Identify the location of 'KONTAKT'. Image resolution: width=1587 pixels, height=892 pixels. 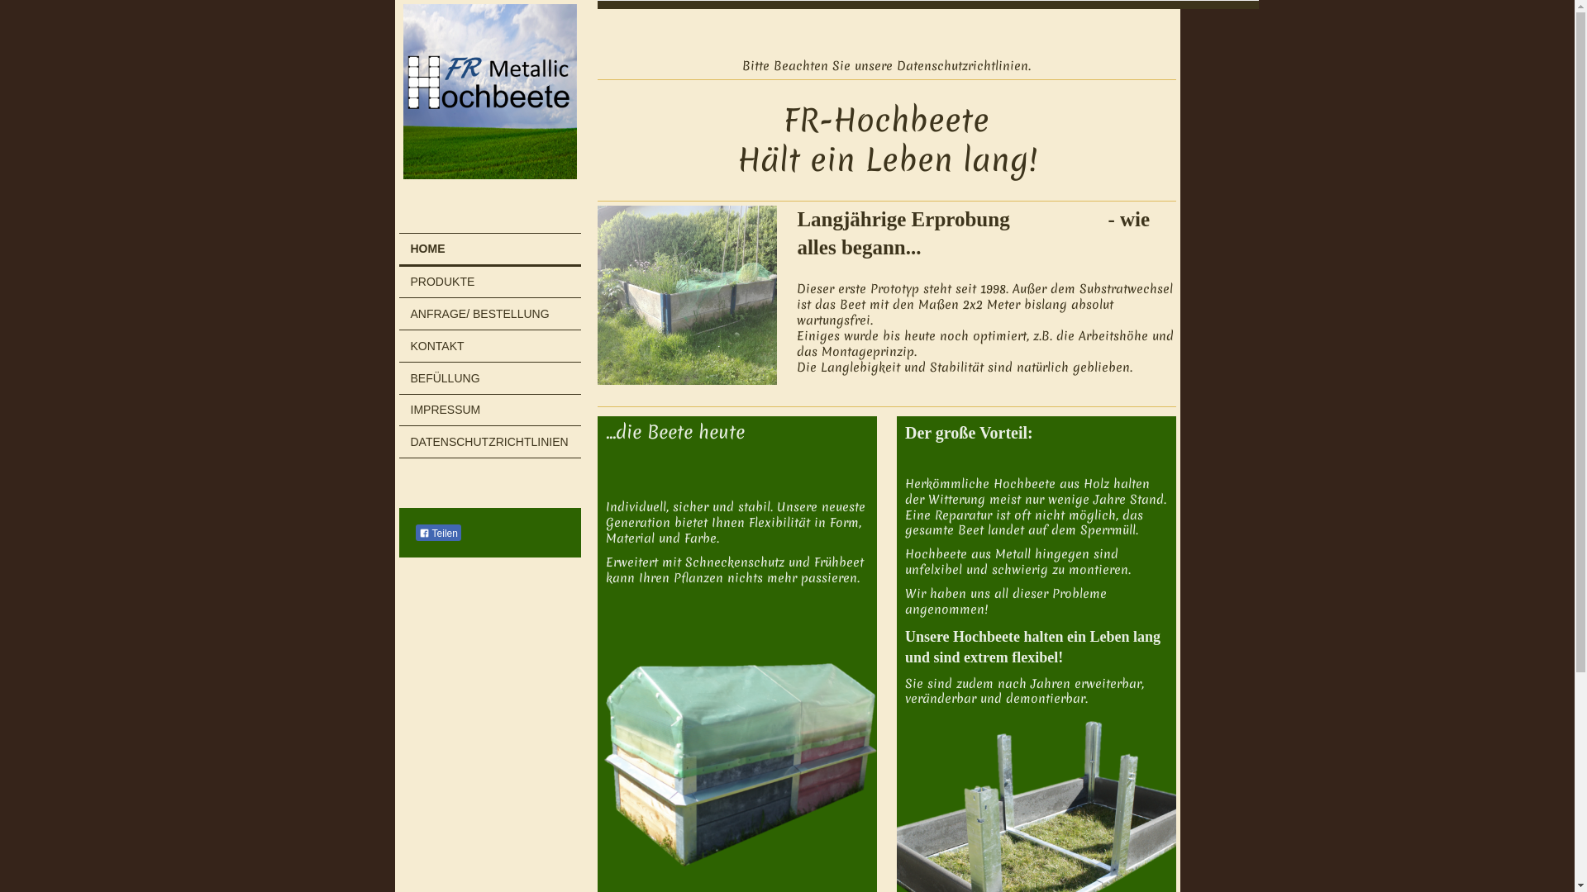
(488, 345).